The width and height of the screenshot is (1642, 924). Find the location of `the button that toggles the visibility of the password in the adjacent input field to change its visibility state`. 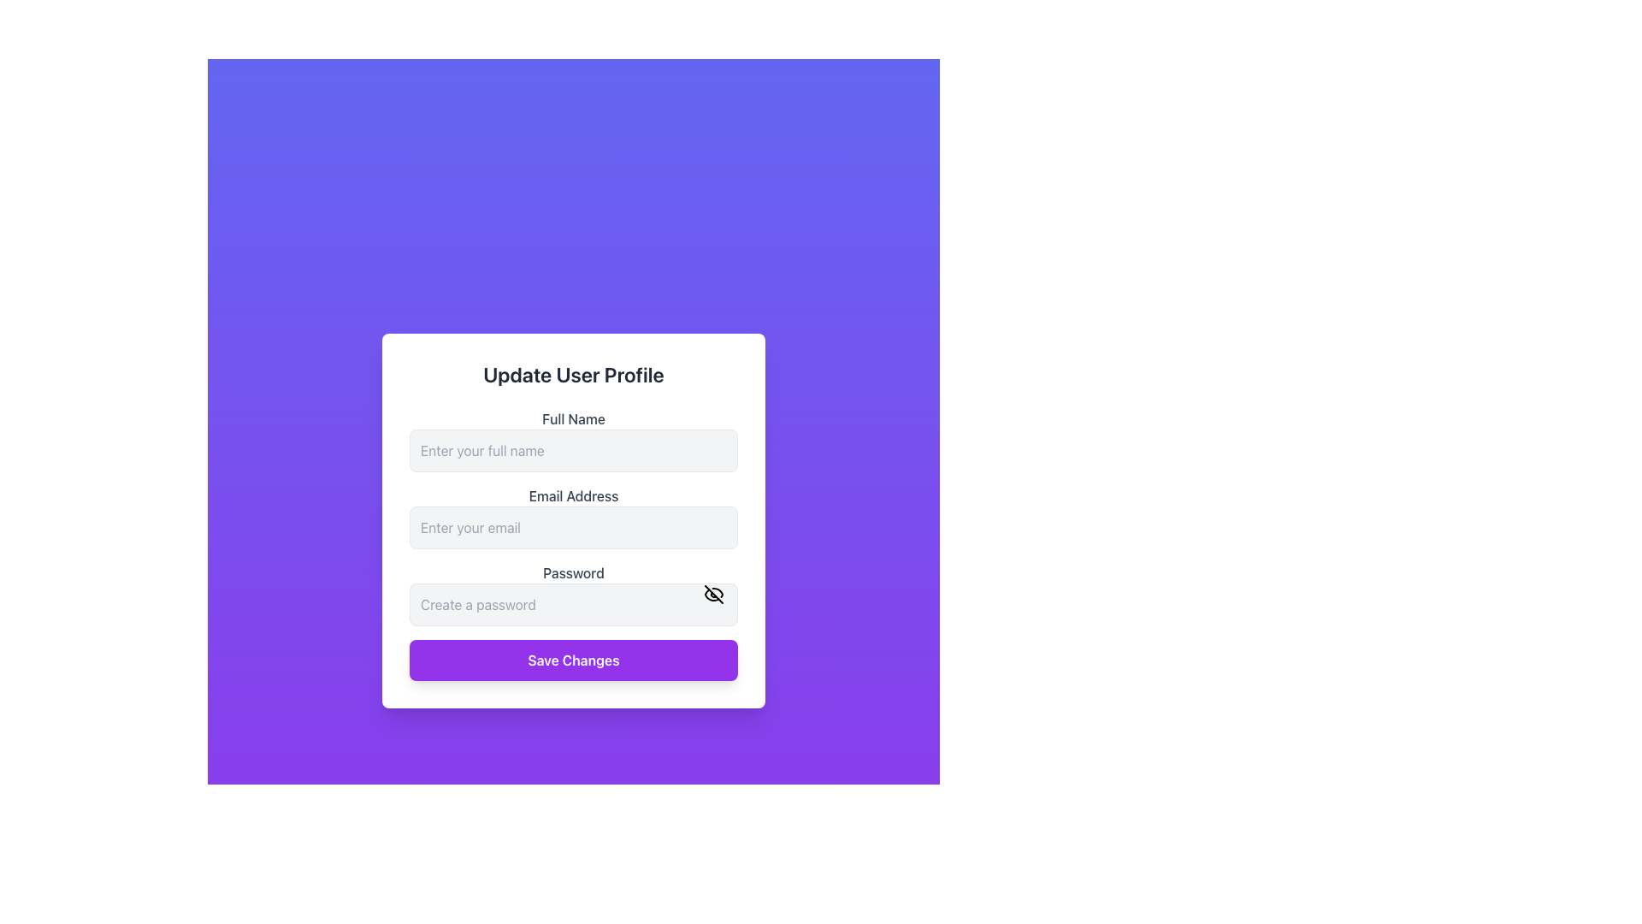

the button that toggles the visibility of the password in the adjacent input field to change its visibility state is located at coordinates (714, 593).